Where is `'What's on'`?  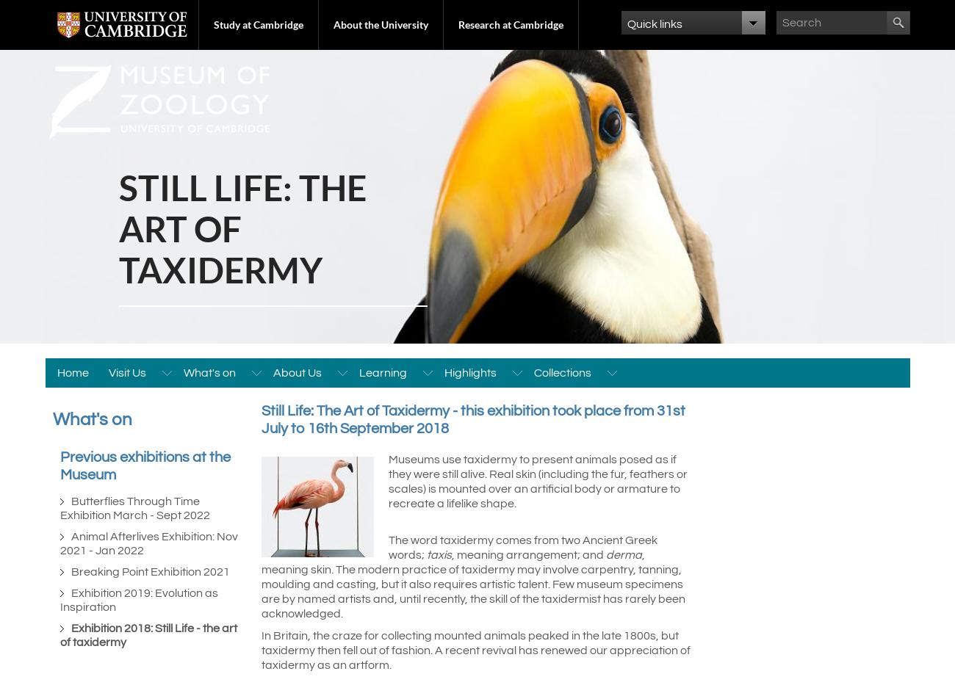 'What's on' is located at coordinates (91, 419).